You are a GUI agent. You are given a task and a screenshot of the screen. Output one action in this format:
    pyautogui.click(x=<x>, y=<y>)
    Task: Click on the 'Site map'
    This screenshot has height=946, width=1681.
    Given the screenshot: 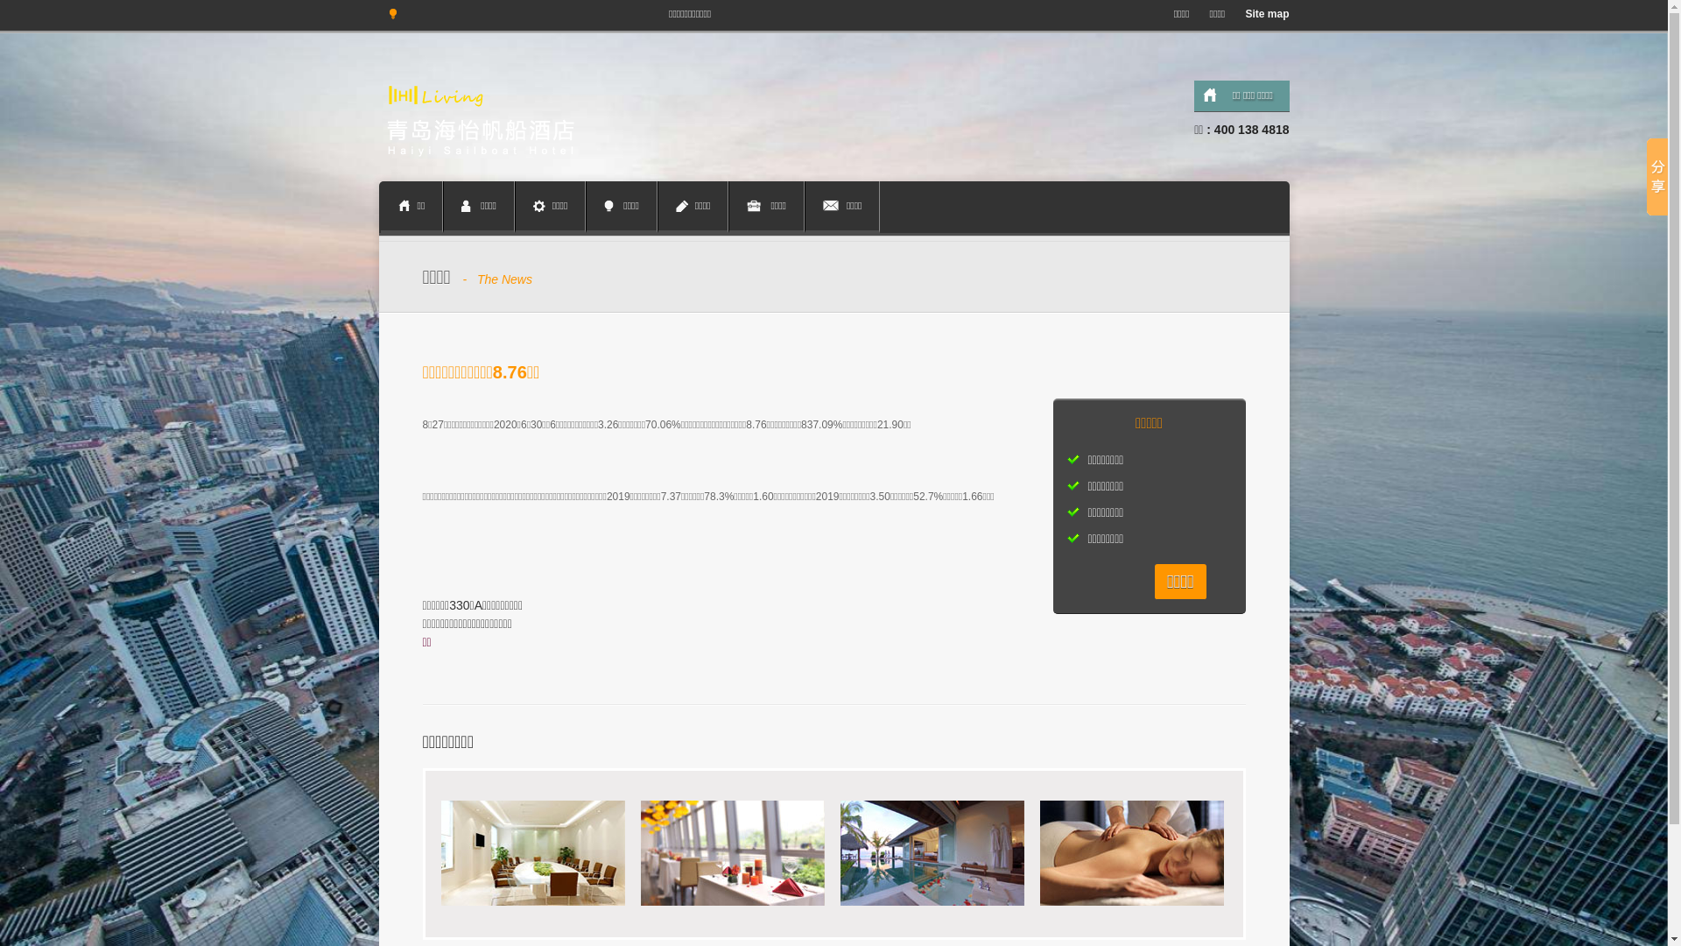 What is the action you would take?
    pyautogui.click(x=1262, y=13)
    